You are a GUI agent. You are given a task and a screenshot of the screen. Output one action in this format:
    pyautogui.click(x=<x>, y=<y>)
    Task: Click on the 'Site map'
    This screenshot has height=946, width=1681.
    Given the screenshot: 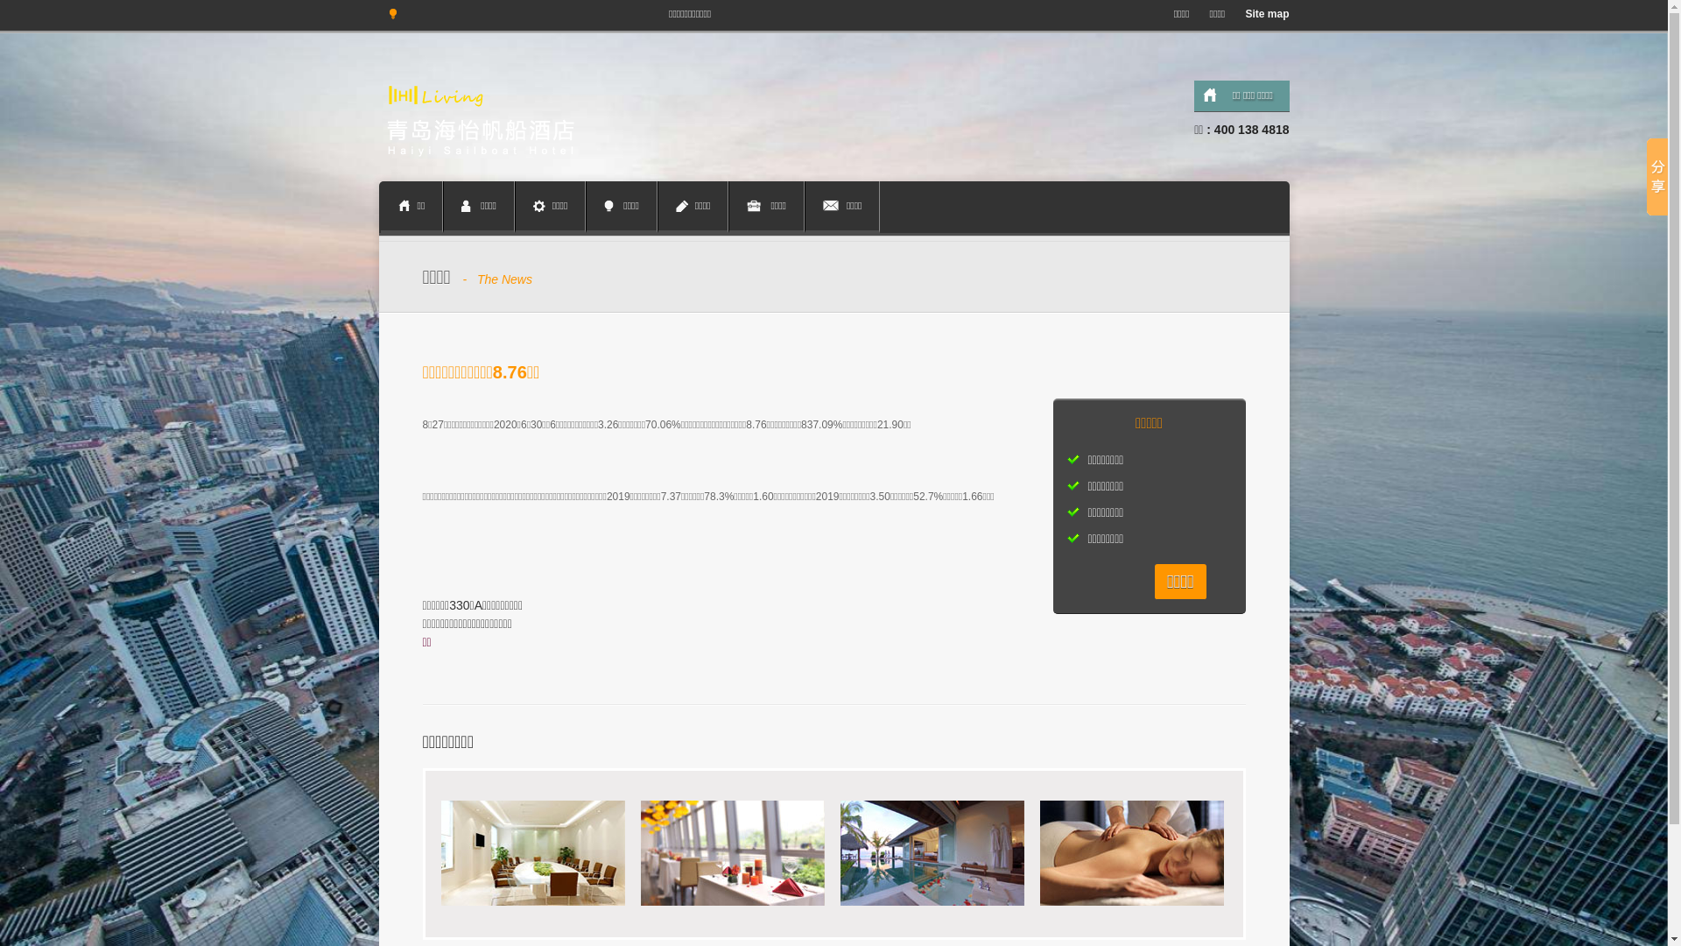 What is the action you would take?
    pyautogui.click(x=1262, y=13)
    